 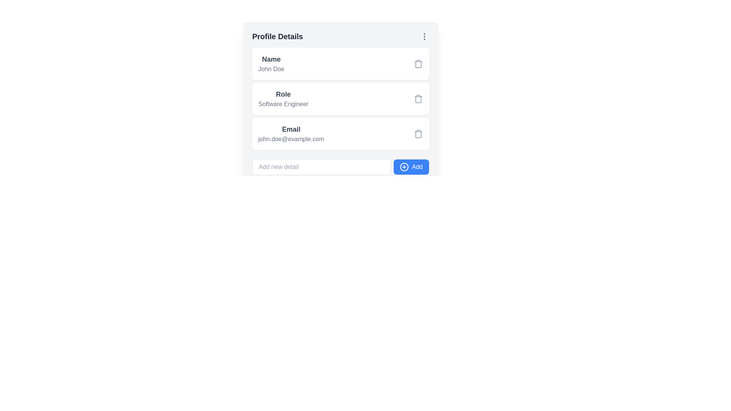 What do you see at coordinates (283, 104) in the screenshot?
I see `the static text label displaying 'Software Engineer', which is located directly beneath the 'Role' text in the 'Profile Details' section` at bounding box center [283, 104].